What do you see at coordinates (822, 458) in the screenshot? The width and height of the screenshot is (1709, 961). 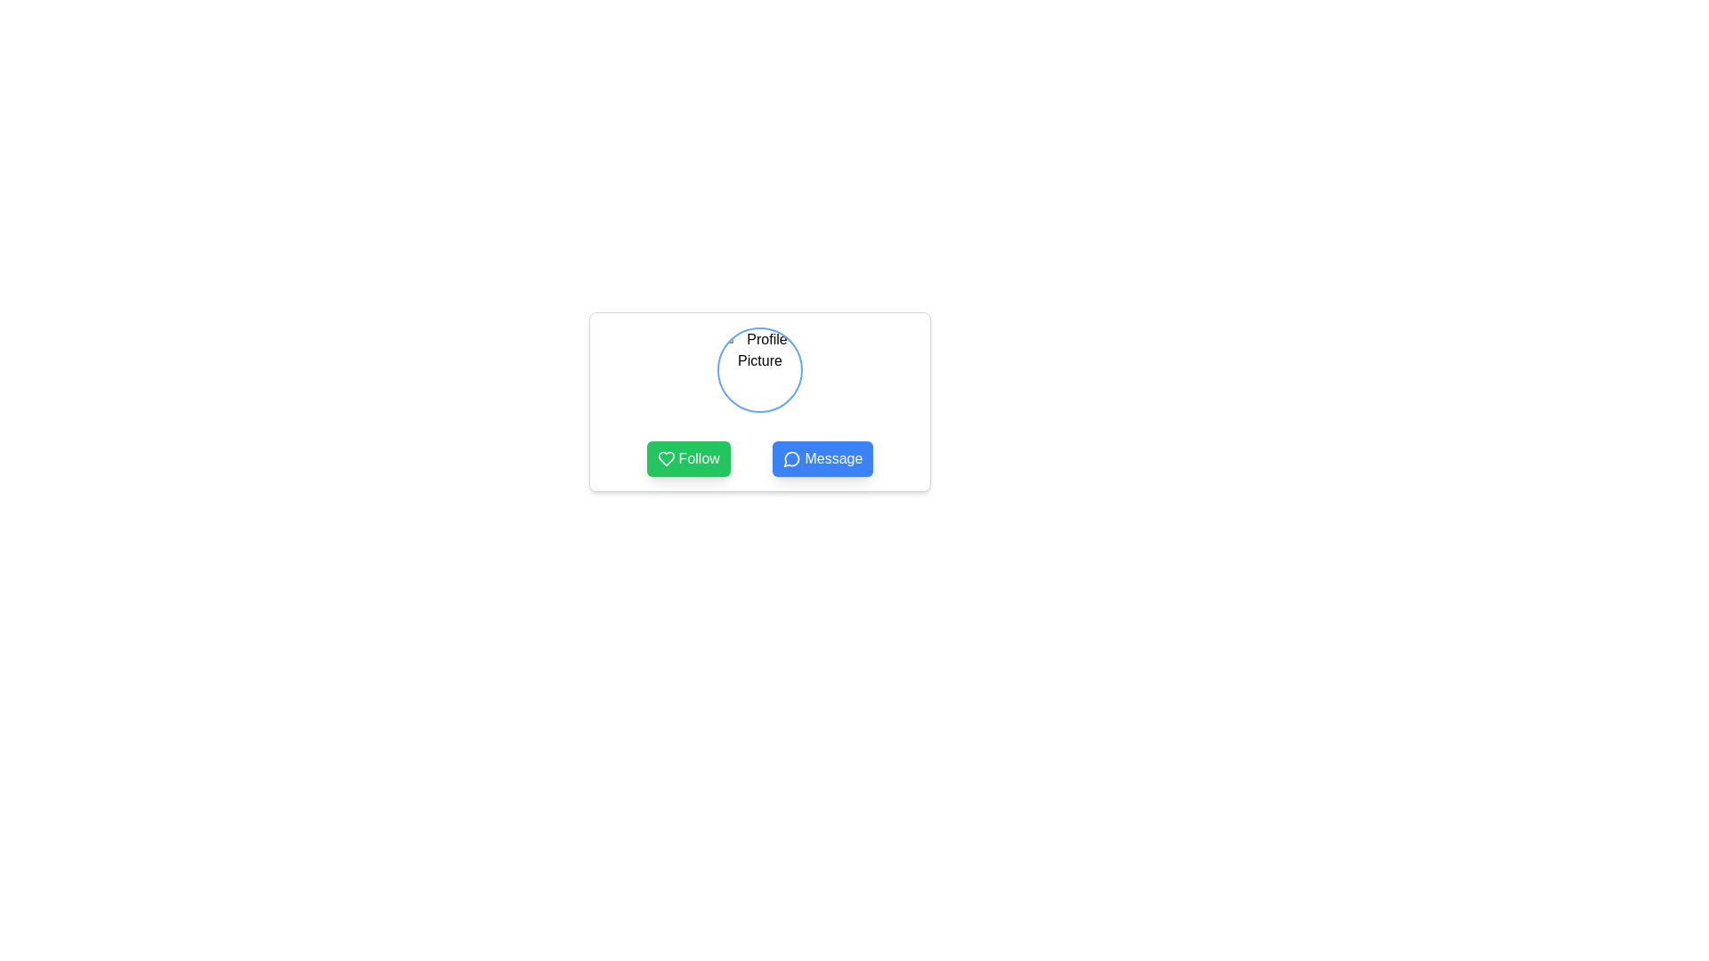 I see `the messaging button located to the right of the green 'Follow' button in the button group below the circular profile picture` at bounding box center [822, 458].